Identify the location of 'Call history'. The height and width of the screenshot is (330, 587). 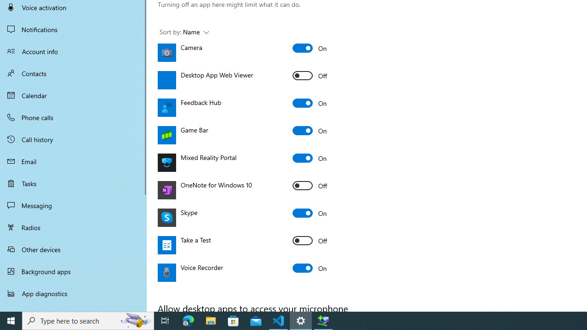
(73, 139).